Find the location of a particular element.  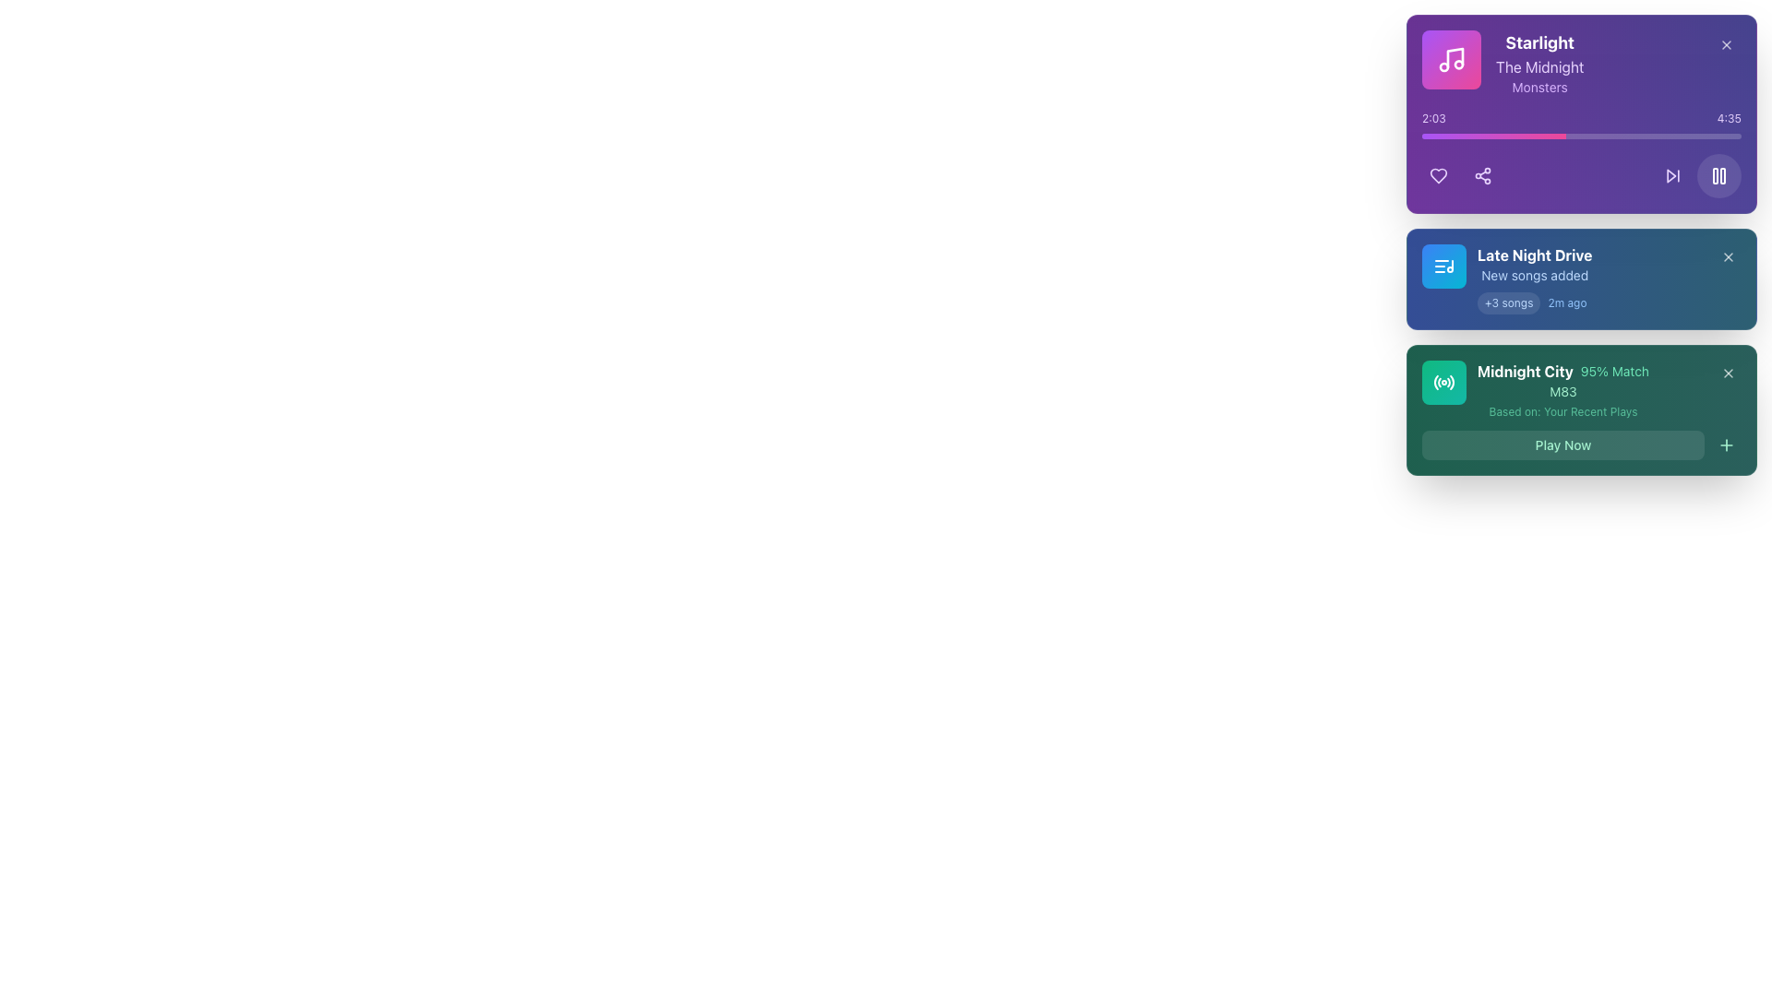

the rounded button with a soft green glow containing a plus icon is located at coordinates (1726, 445).